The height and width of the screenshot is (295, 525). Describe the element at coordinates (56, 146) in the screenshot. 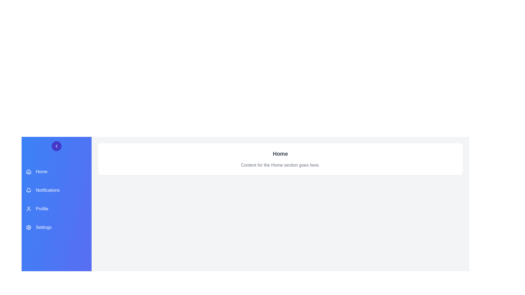

I see `the navigation button located at the top of the sidebar, which may reveal a tooltip or highlight effect` at that location.